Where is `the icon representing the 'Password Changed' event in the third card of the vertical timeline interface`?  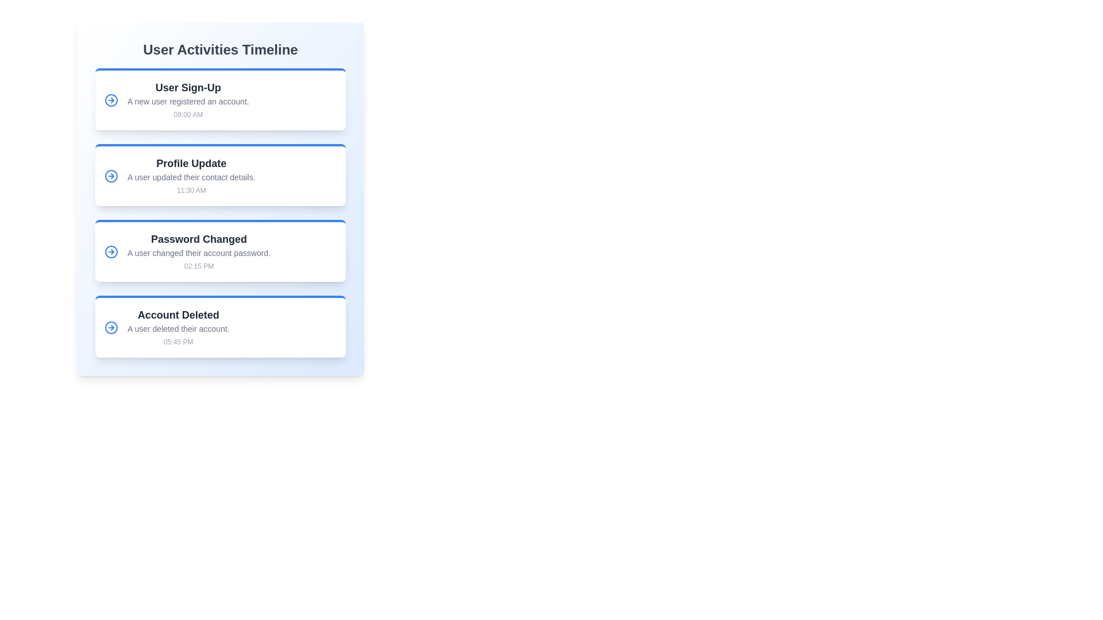
the icon representing the 'Password Changed' event in the third card of the vertical timeline interface is located at coordinates (111, 251).